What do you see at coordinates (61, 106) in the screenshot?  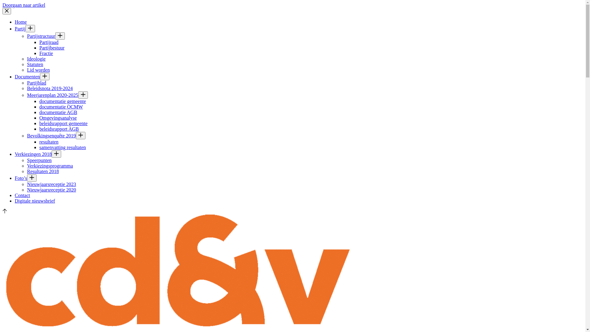 I see `'documentatie OCMW'` at bounding box center [61, 106].